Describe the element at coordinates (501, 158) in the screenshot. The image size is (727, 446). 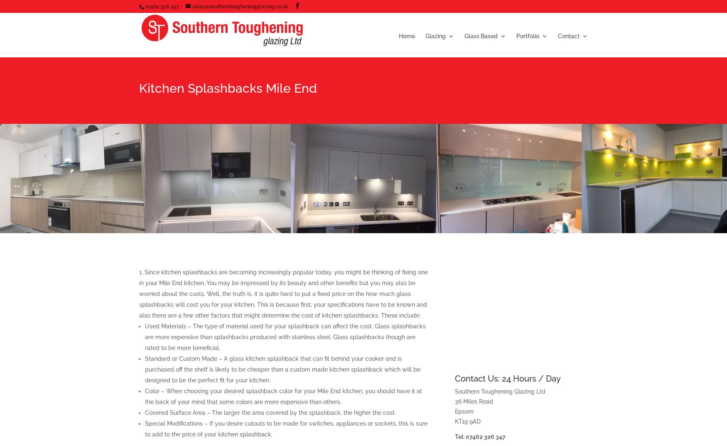
I see `'Other Services'` at that location.